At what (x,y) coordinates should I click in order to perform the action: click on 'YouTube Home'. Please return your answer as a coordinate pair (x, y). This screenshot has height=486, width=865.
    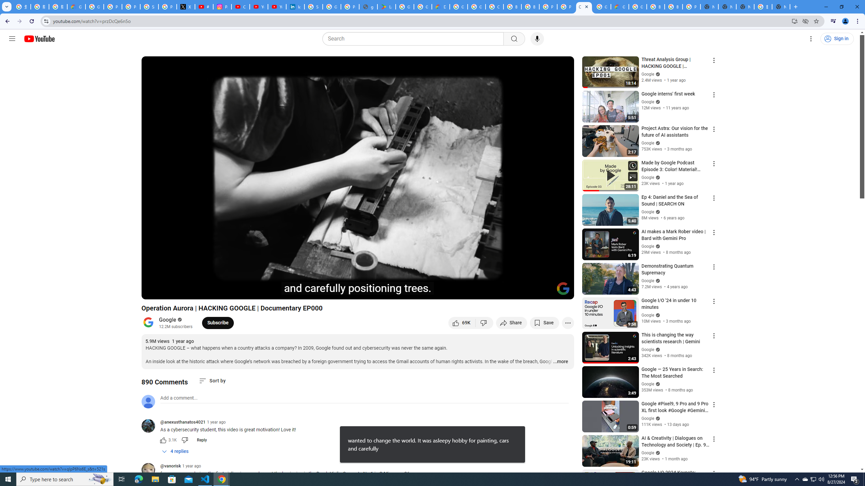
    Looking at the image, I should click on (39, 38).